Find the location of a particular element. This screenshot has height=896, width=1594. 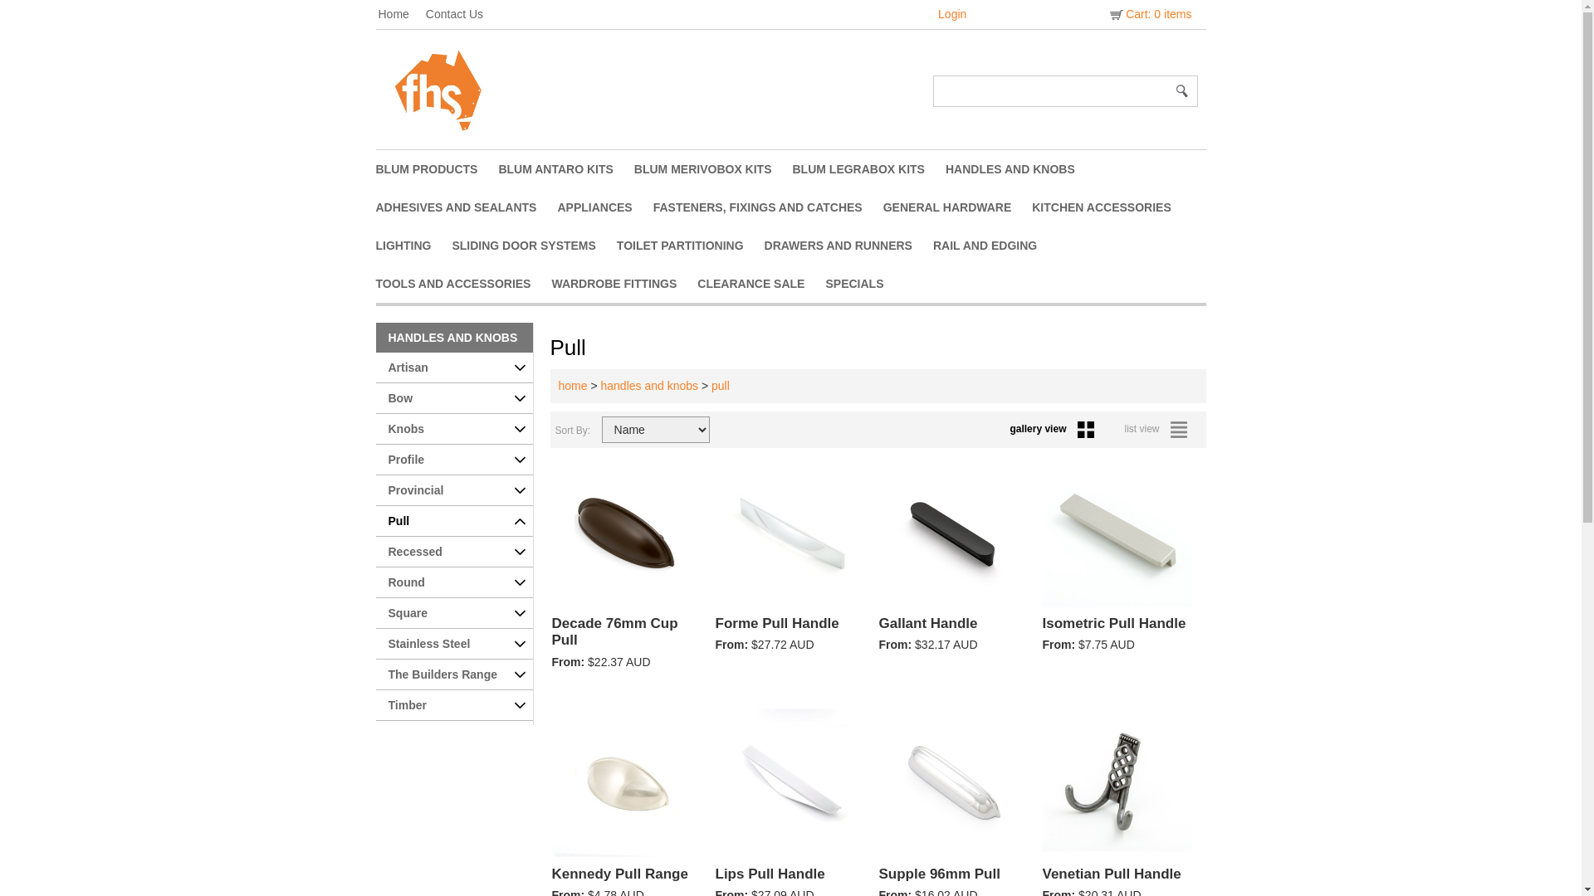

'Cart: 0 items' is located at coordinates (1148, 13).